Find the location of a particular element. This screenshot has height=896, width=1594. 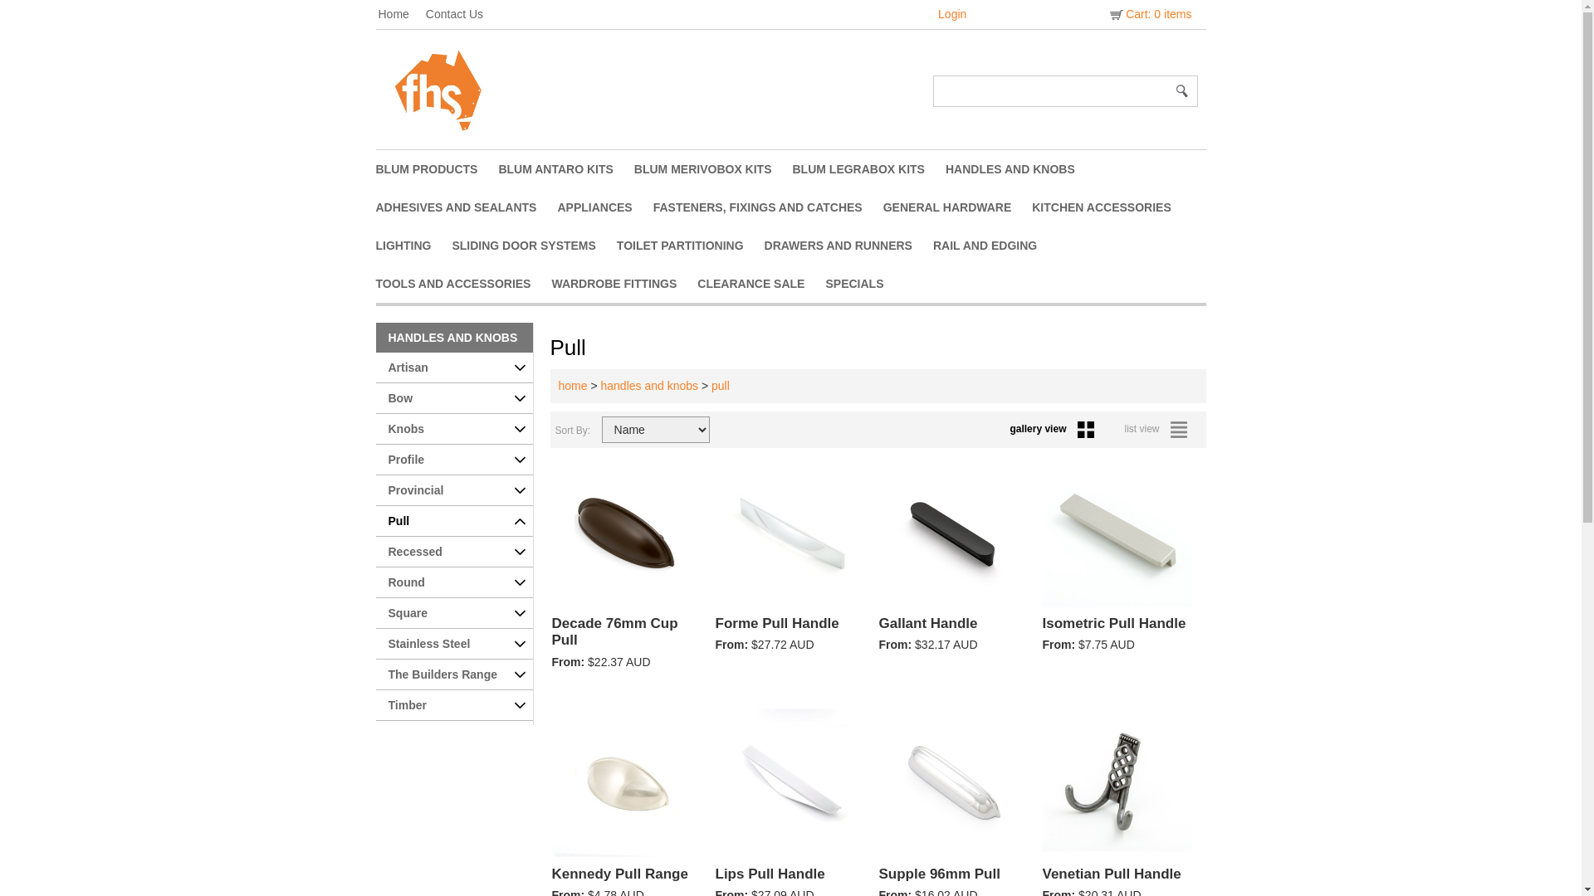

'Cart: 0 items' is located at coordinates (1148, 13).